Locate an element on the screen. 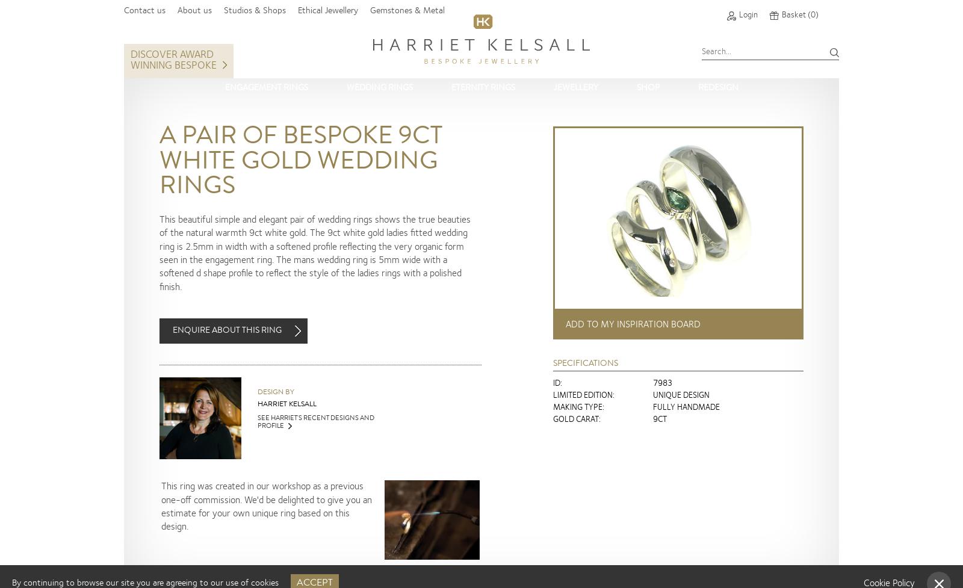  'Fully Handmade' is located at coordinates (686, 407).